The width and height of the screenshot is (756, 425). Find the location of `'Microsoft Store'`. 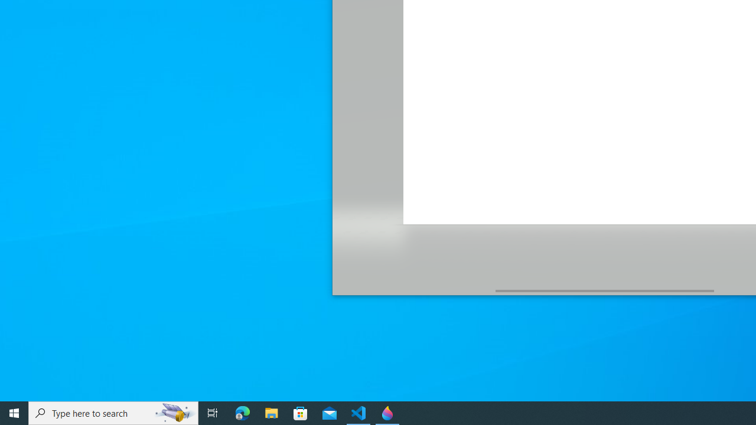

'Microsoft Store' is located at coordinates (301, 412).